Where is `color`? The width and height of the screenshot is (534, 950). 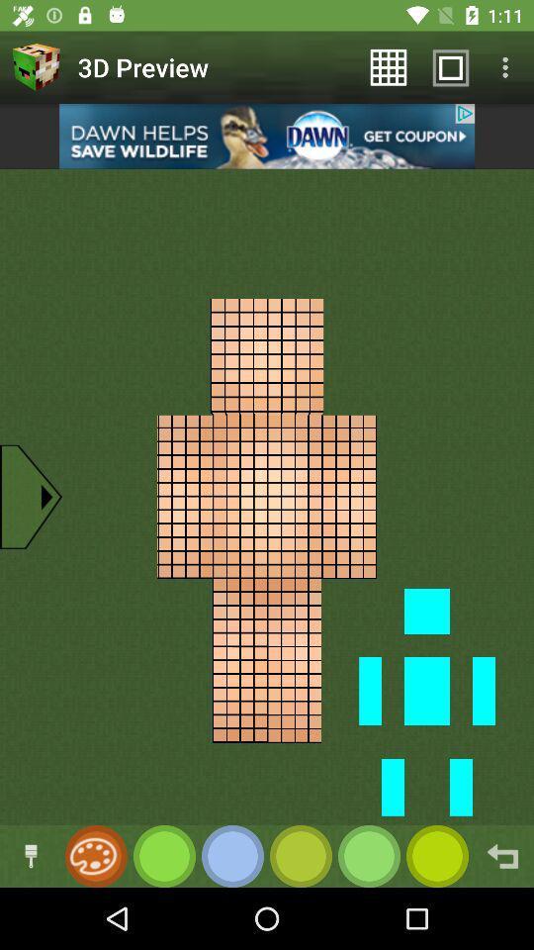
color is located at coordinates (369, 855).